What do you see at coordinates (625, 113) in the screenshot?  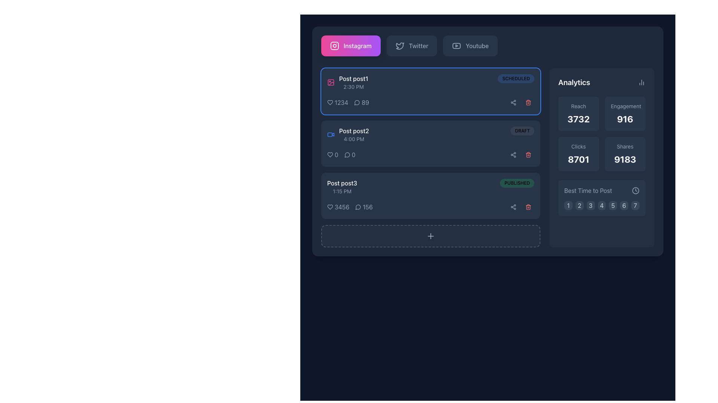 I see `the metric value displayed in the informational display card showing '916' under the 'Engagement' label in the Analytics section` at bounding box center [625, 113].